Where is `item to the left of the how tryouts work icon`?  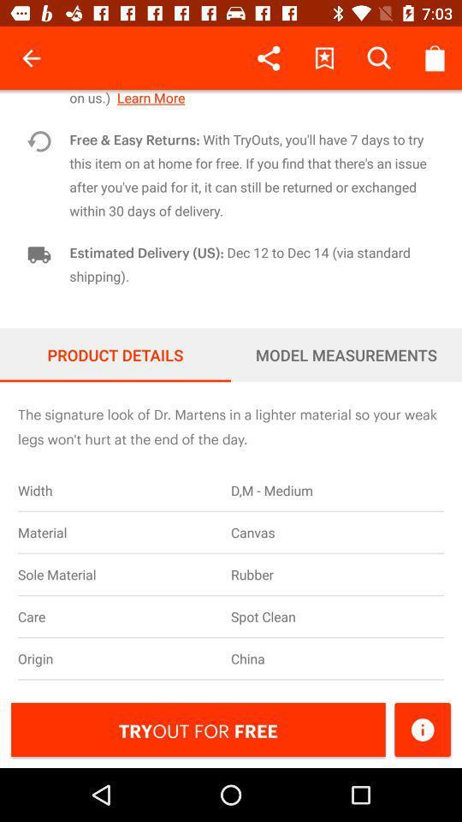
item to the left of the how tryouts work icon is located at coordinates (31, 58).